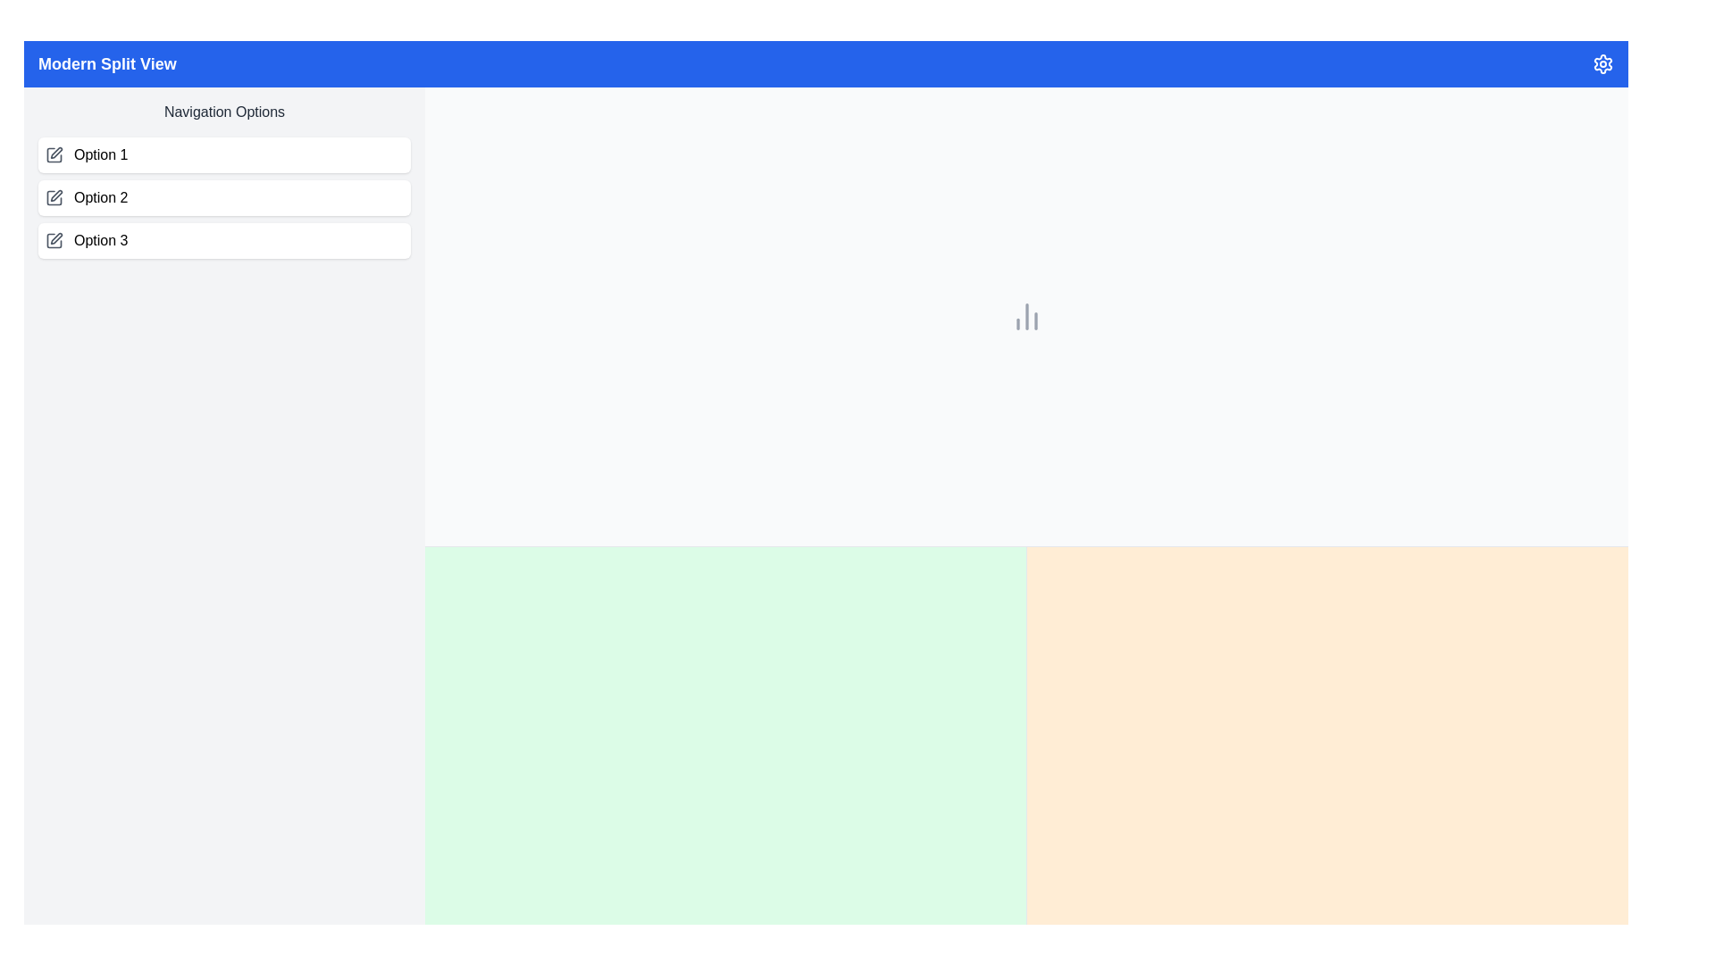  What do you see at coordinates (54, 241) in the screenshot?
I see `the gray pencil icon located to the left of the label 'Option 3' in the third row of the sidebar menu to initiate an edit action` at bounding box center [54, 241].